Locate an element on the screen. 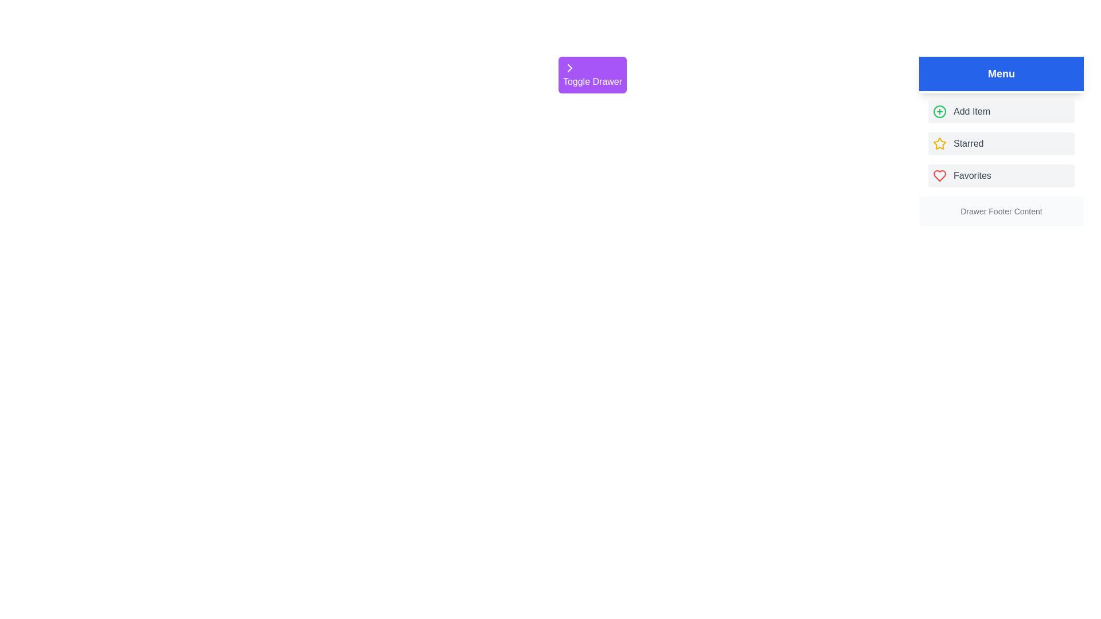 Image resolution: width=1101 pixels, height=619 pixels. the 'Starred' button in the drawer is located at coordinates (1001, 143).